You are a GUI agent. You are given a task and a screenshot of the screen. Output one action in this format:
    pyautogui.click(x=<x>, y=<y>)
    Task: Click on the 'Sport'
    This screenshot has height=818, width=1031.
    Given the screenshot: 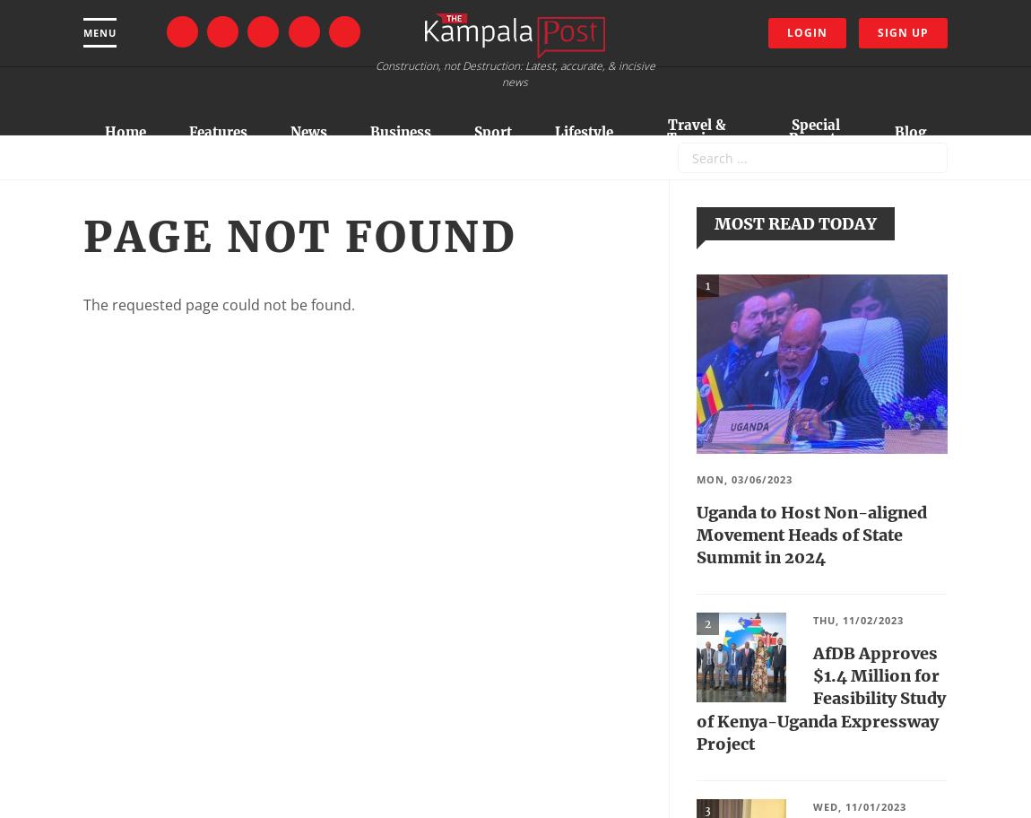 What is the action you would take?
    pyautogui.click(x=493, y=130)
    